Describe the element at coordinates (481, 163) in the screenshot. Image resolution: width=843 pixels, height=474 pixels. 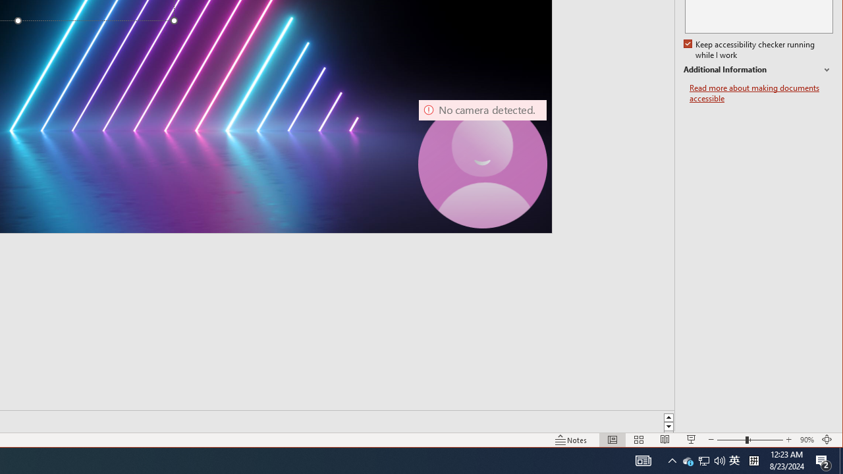
I see `'Camera 7, No camera detected.'` at that location.